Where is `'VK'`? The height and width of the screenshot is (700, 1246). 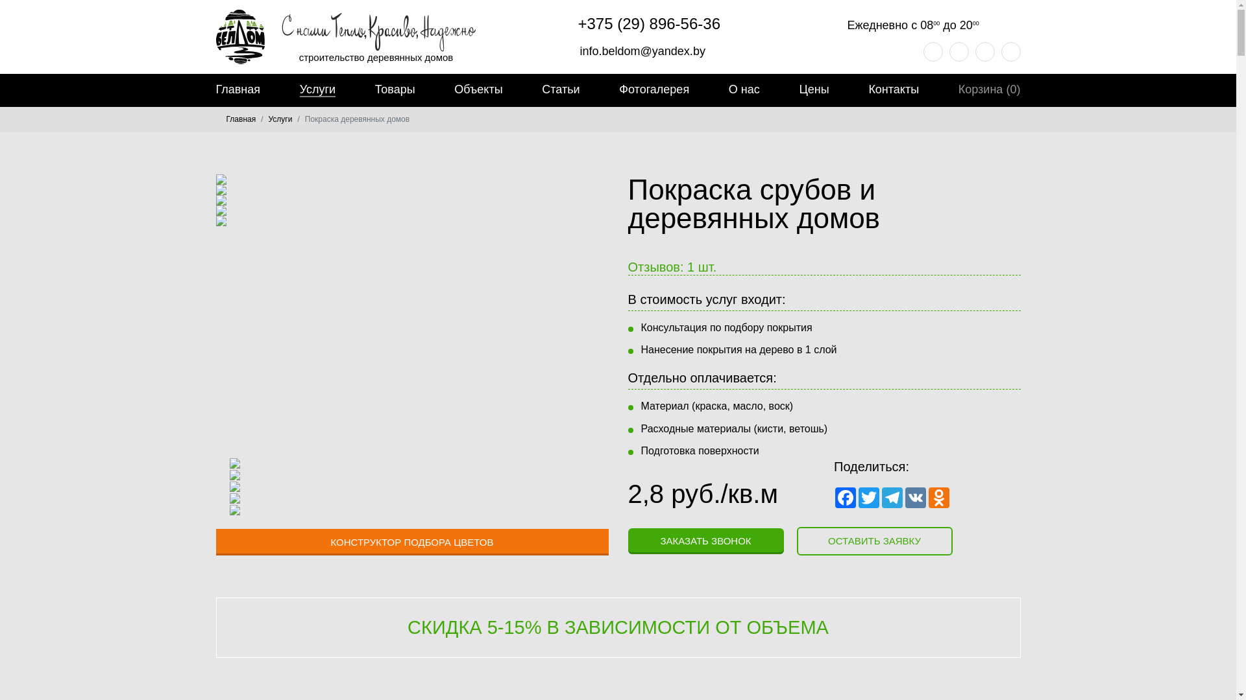 'VK' is located at coordinates (903, 496).